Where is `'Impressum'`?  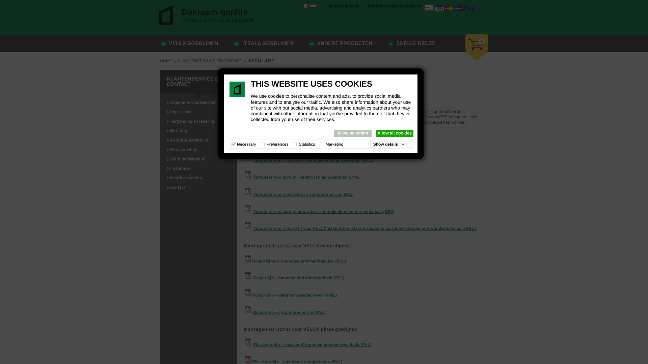
'Impressum' is located at coordinates (170, 112).